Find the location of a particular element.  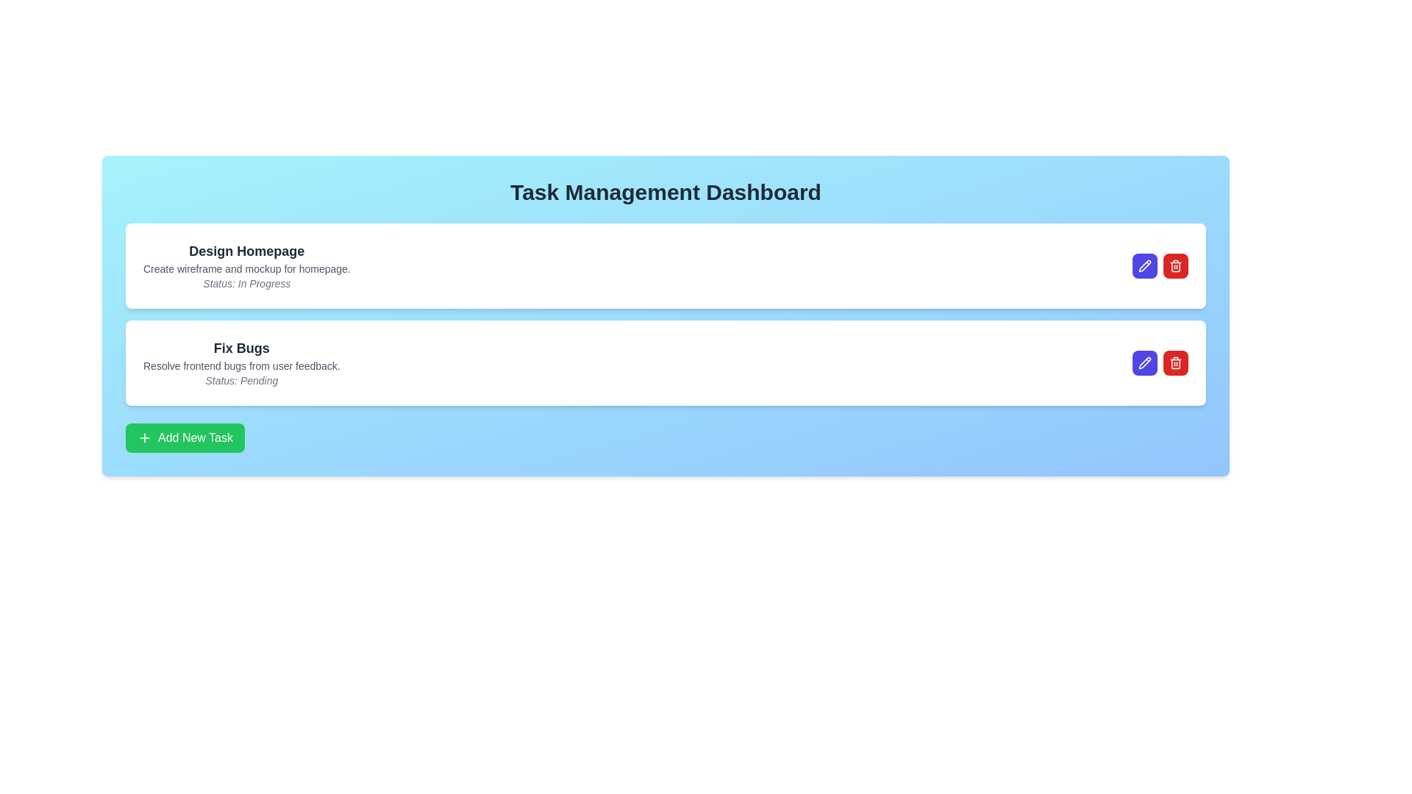

the red delete button with a trash bin icon located in the top-right corner of the task card is located at coordinates (1174, 362).